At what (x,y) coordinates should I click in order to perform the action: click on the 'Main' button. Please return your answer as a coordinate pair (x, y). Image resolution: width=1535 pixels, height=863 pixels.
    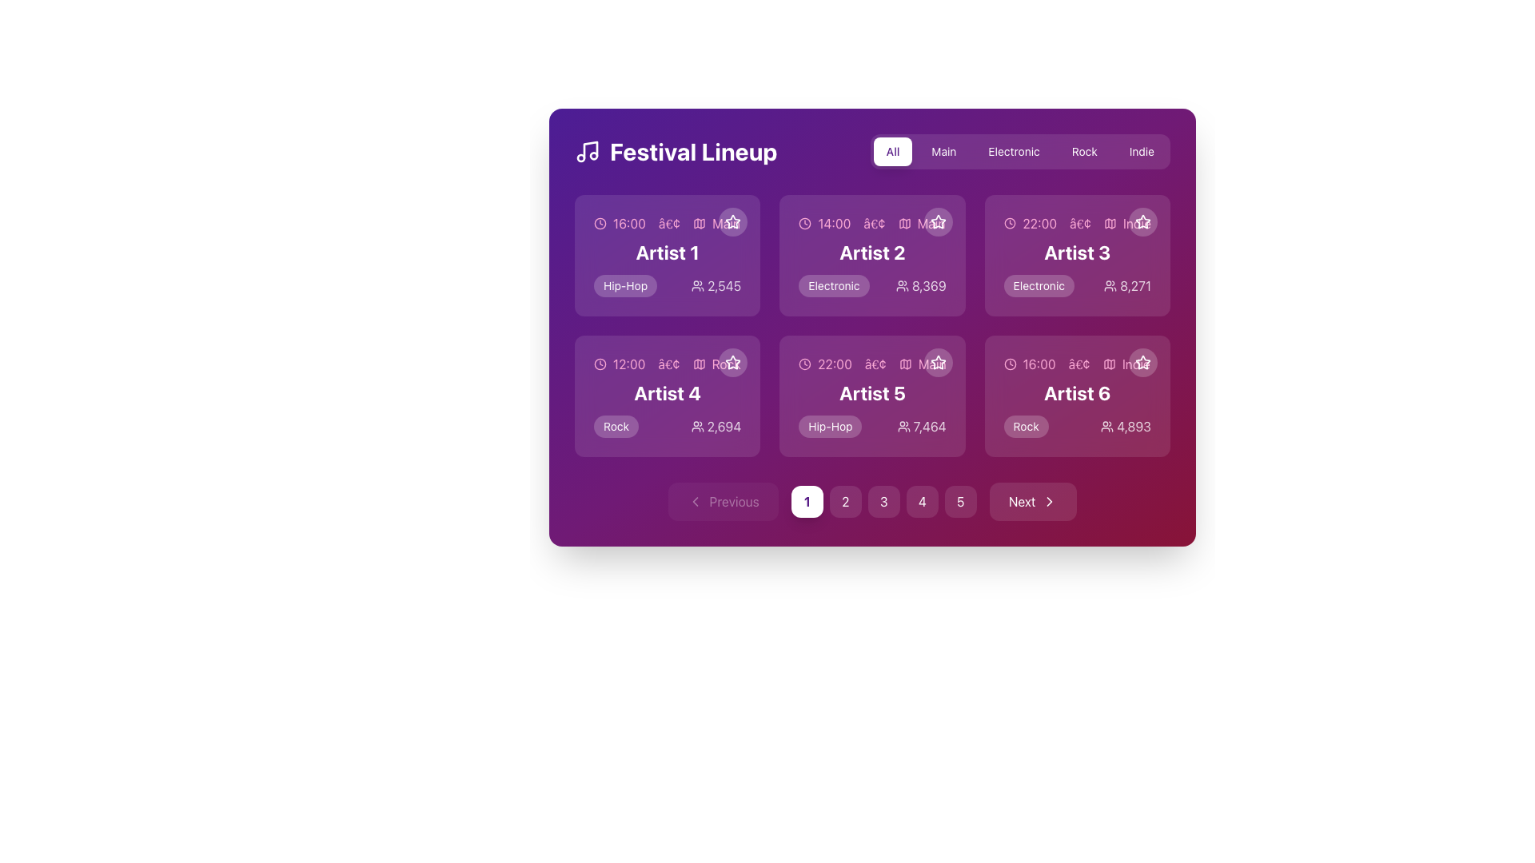
    Looking at the image, I should click on (943, 151).